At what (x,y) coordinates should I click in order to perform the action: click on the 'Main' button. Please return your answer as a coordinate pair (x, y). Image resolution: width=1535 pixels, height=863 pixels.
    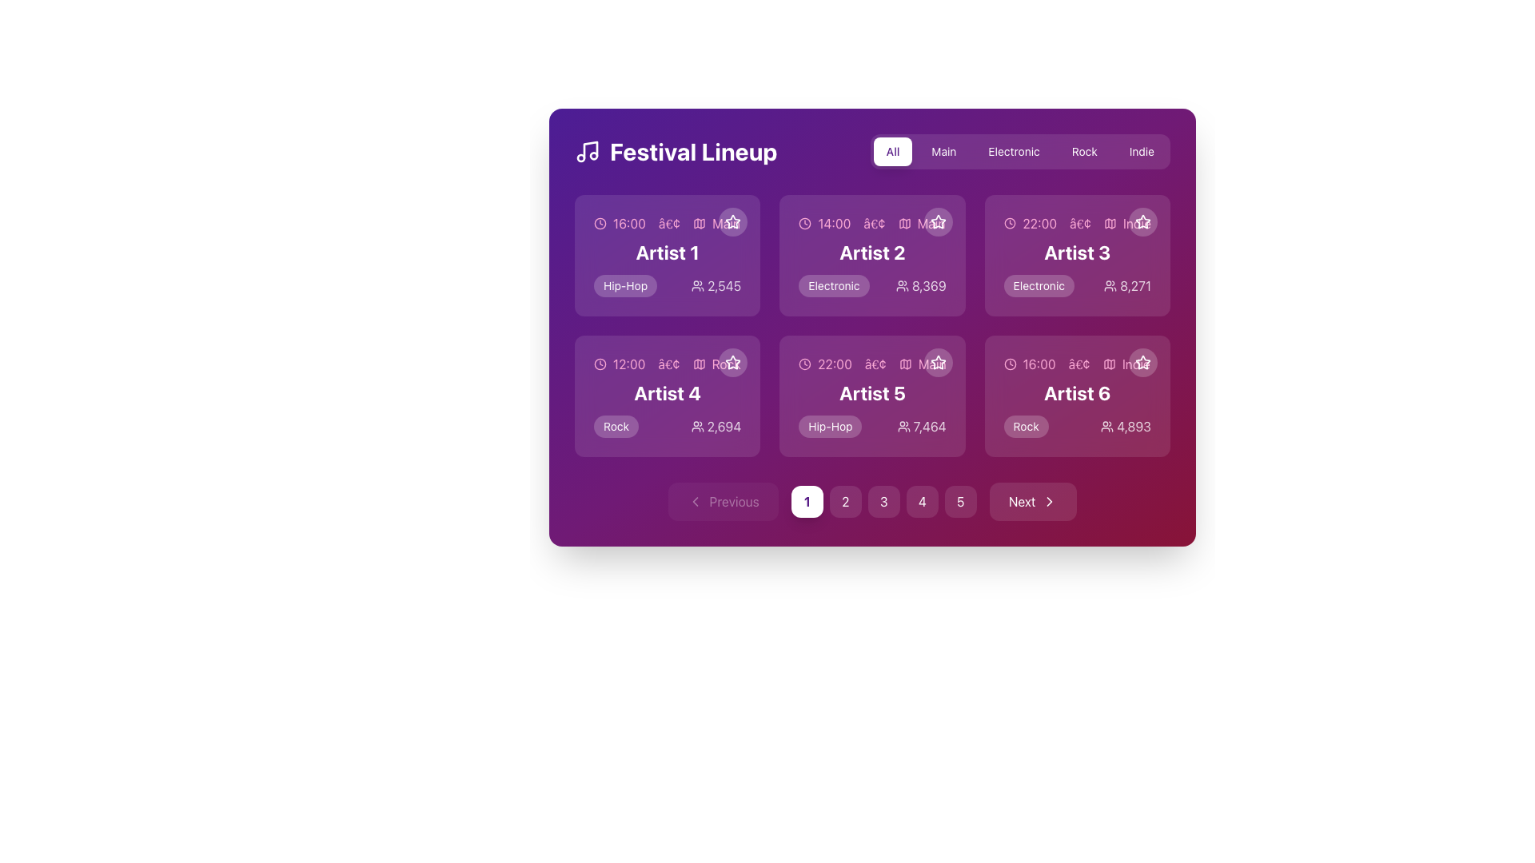
    Looking at the image, I should click on (943, 151).